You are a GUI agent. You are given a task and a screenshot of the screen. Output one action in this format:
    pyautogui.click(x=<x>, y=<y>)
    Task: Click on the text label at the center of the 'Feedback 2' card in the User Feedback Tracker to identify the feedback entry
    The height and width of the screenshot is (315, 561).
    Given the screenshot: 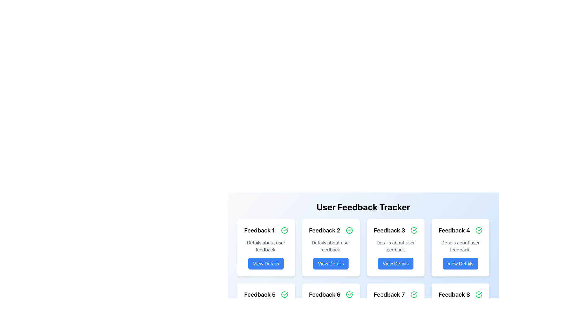 What is the action you would take?
    pyautogui.click(x=324, y=230)
    